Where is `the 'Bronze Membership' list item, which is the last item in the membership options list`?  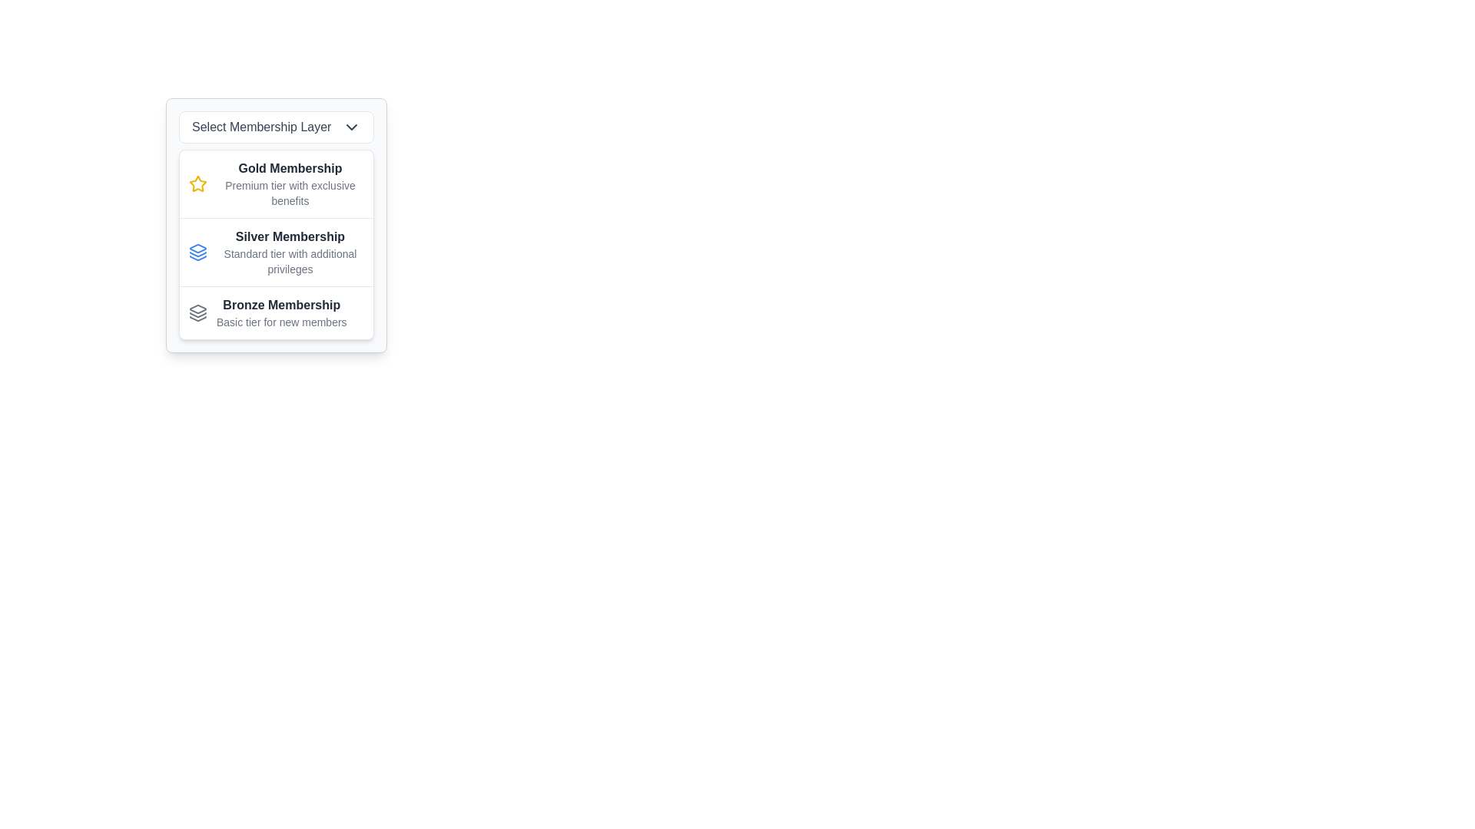 the 'Bronze Membership' list item, which is the last item in the membership options list is located at coordinates (277, 312).